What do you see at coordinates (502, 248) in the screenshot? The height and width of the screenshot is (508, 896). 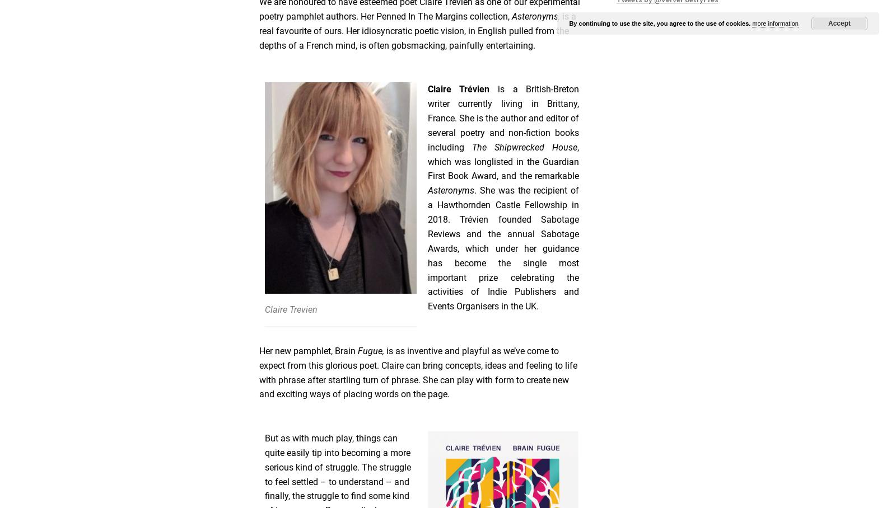 I see `'. She was the recipient of a Hawthornden Castle Fellowship in 2018. Trévien founded Sabotage Reviews and the annual Sabotage Awards, which under her guidance has become the single most important prize celebrating the activities of Indie Publishers and Events Organisers in the UK.'` at bounding box center [502, 248].